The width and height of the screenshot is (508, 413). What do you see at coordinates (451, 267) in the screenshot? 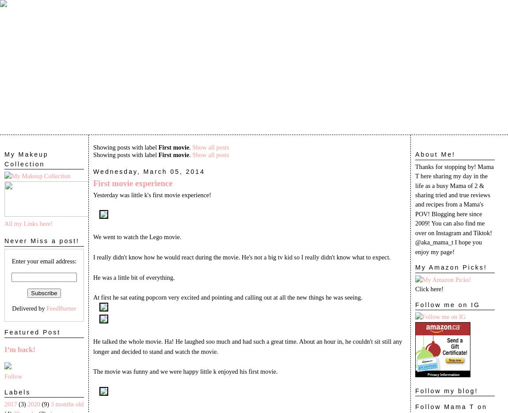
I see `'My Amazon Picks!'` at bounding box center [451, 267].